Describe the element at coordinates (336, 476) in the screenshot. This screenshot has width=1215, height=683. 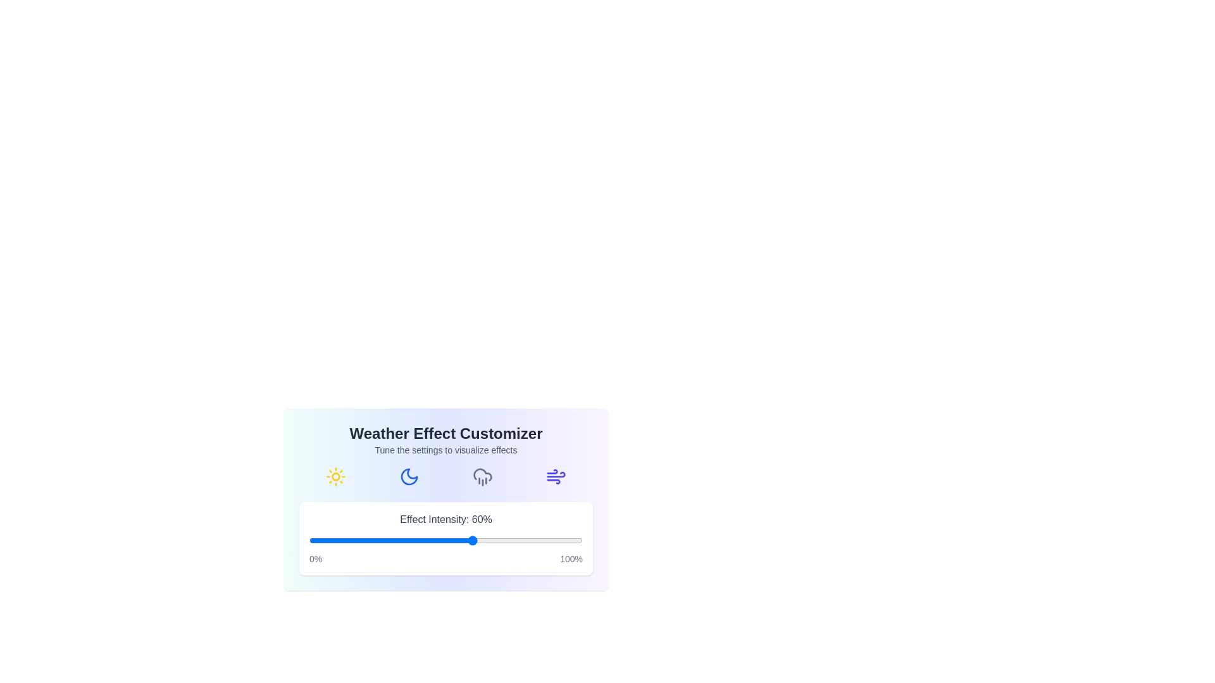
I see `the sun icon located in the top-left corner of the weather customization panel, which is the first icon among other weather-related icons` at that location.